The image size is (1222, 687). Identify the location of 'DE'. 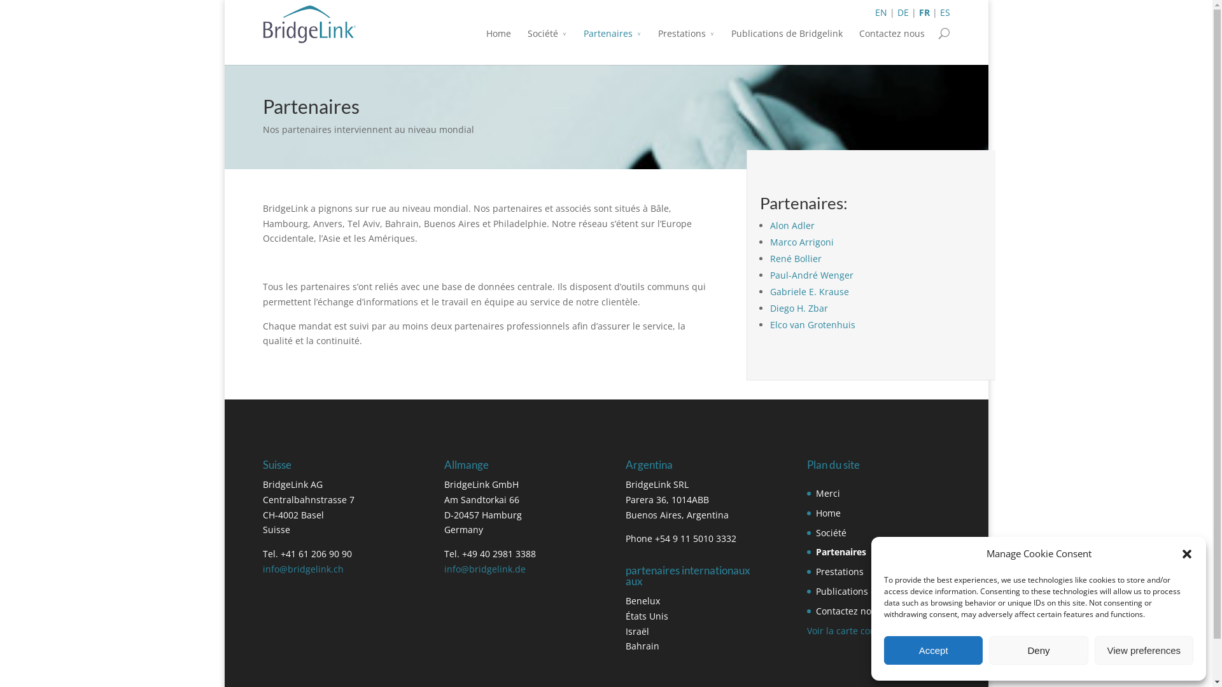
(897, 12).